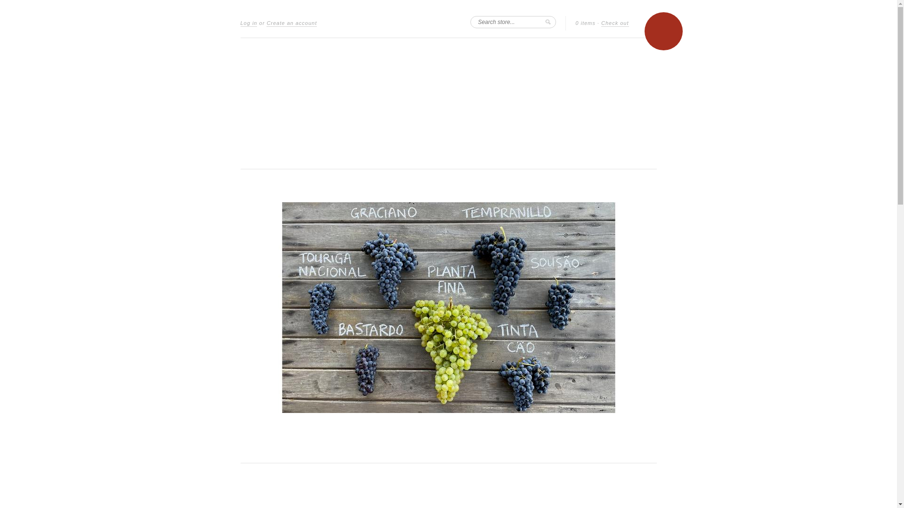 The height and width of the screenshot is (508, 904). I want to click on 'Check out', so click(615, 23).